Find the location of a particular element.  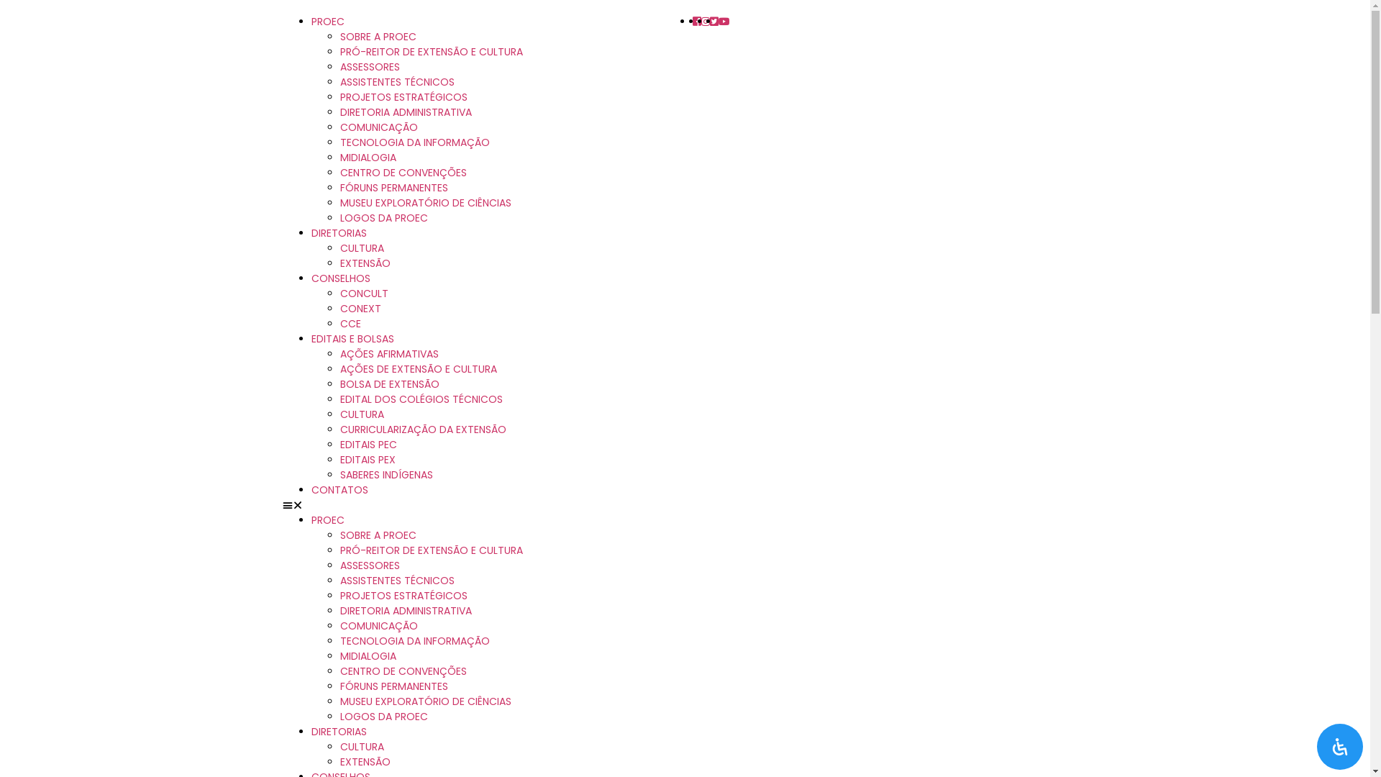

'ASSESSORES' is located at coordinates (369, 565).